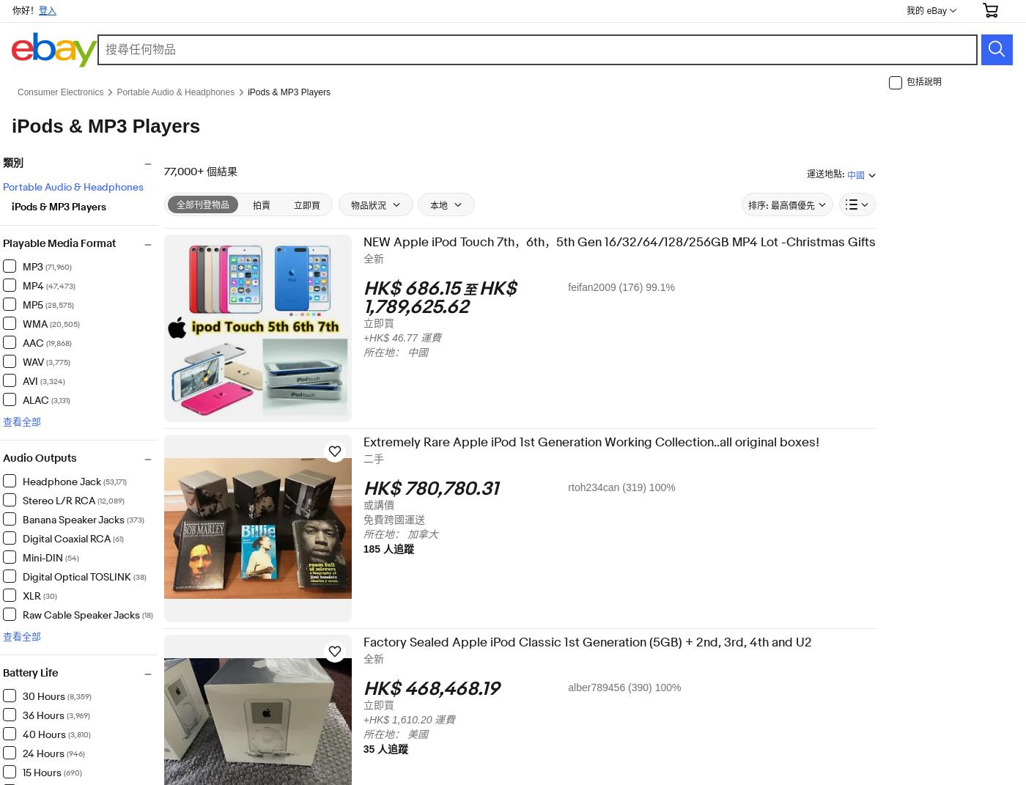  What do you see at coordinates (631, 287) in the screenshot?
I see `'feifan2009 (176) 99.1%'` at bounding box center [631, 287].